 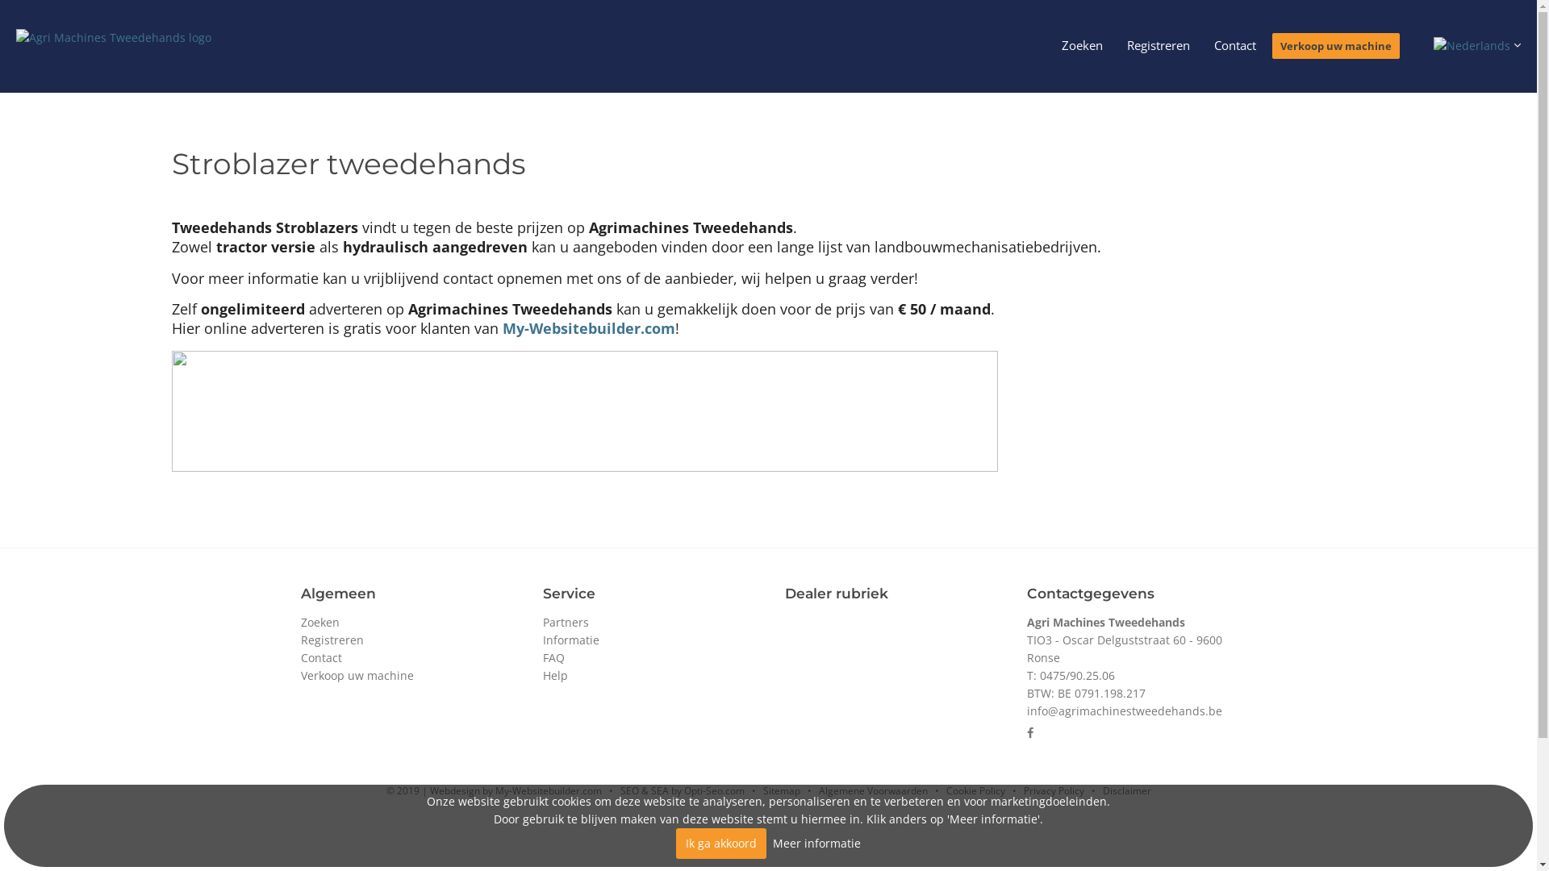 What do you see at coordinates (355, 675) in the screenshot?
I see `'Verkoop uw machine'` at bounding box center [355, 675].